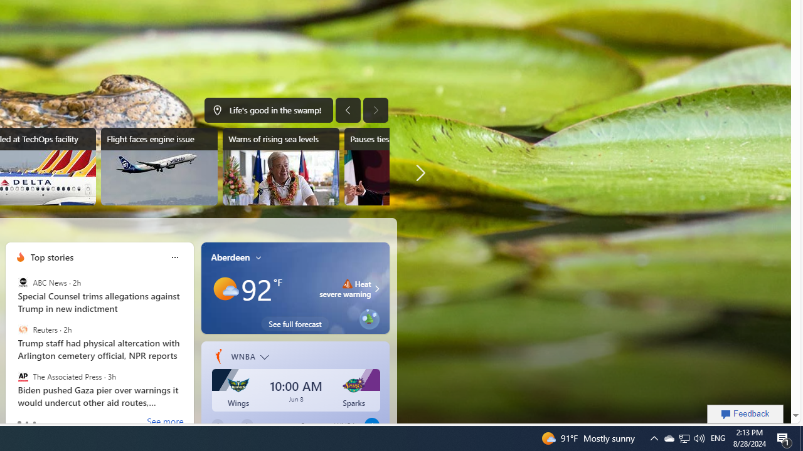  I want to click on 'See more', so click(164, 423).